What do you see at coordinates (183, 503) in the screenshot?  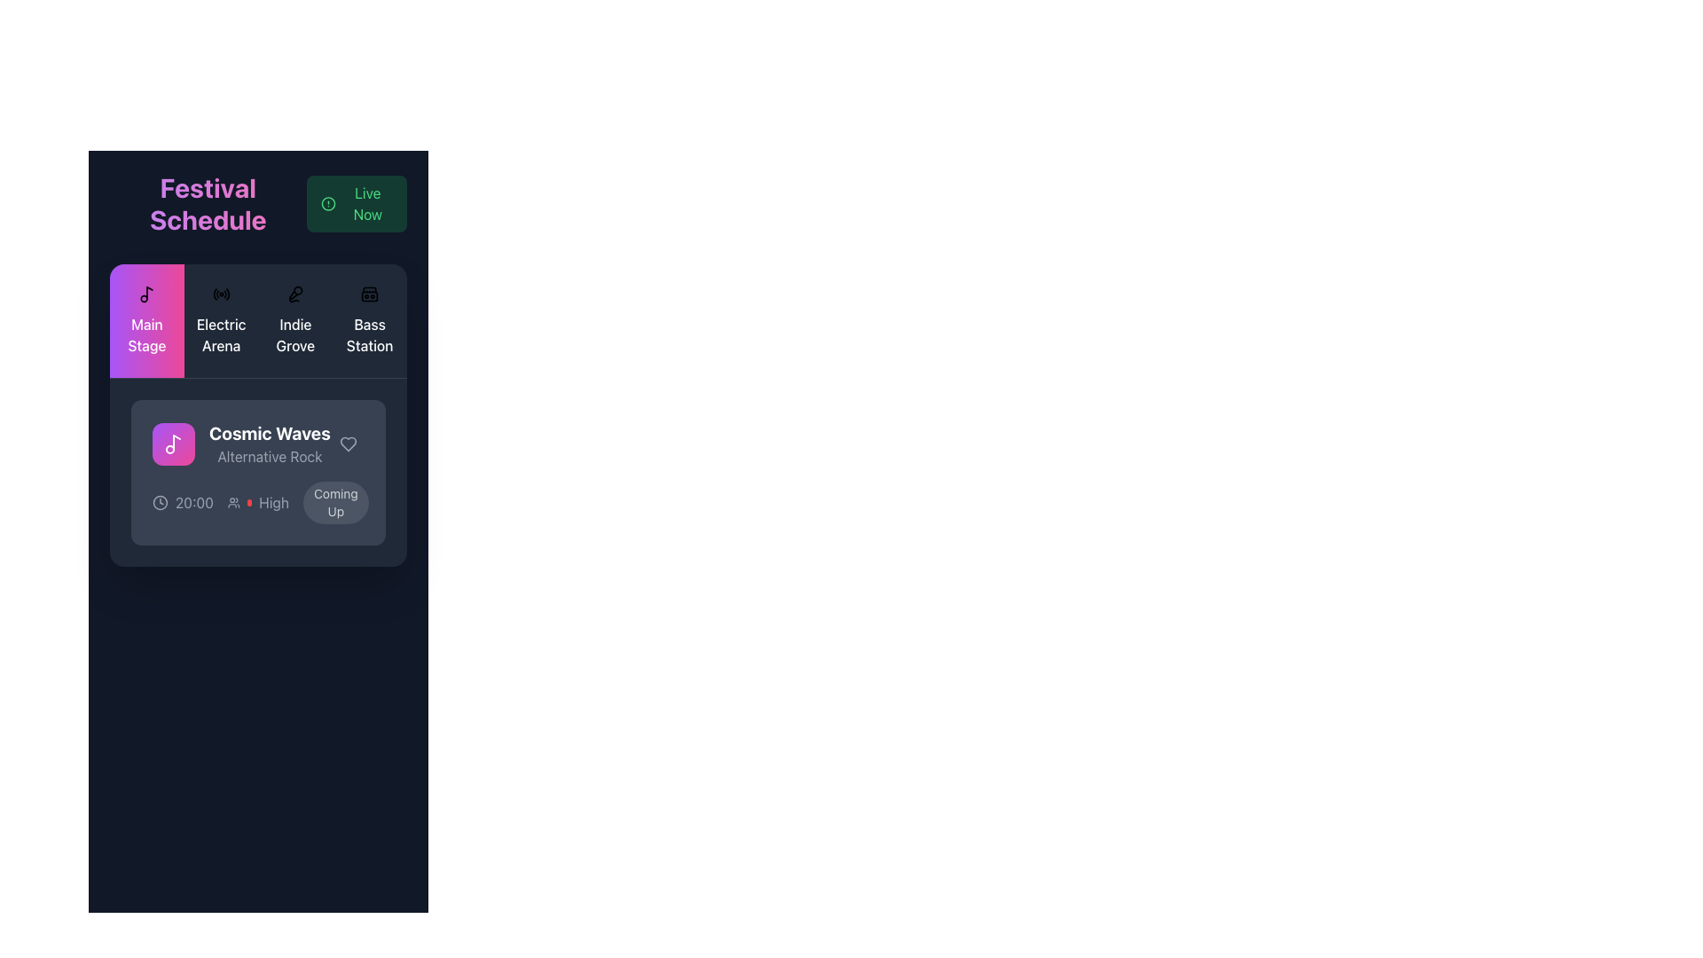 I see `the Time indicator showing '20:00' with an associated clock icon, the leftmost item in the horizontal row beneath the event 'Cosmic Waves: Alternative Rock'` at bounding box center [183, 503].